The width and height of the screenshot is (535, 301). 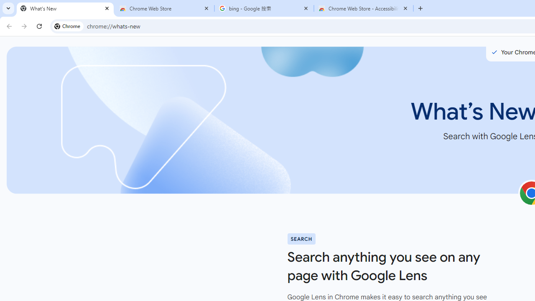 What do you see at coordinates (65, 8) in the screenshot?
I see `'What'` at bounding box center [65, 8].